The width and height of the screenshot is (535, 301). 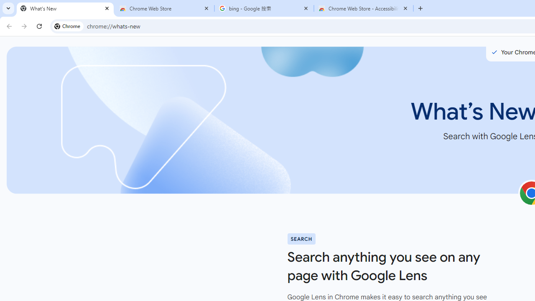 What do you see at coordinates (65, 8) in the screenshot?
I see `'What'` at bounding box center [65, 8].